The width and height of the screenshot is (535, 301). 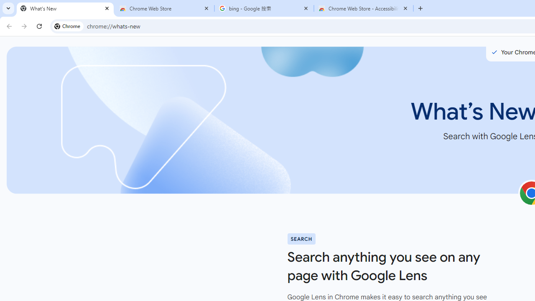 What do you see at coordinates (65, 8) in the screenshot?
I see `'What'` at bounding box center [65, 8].